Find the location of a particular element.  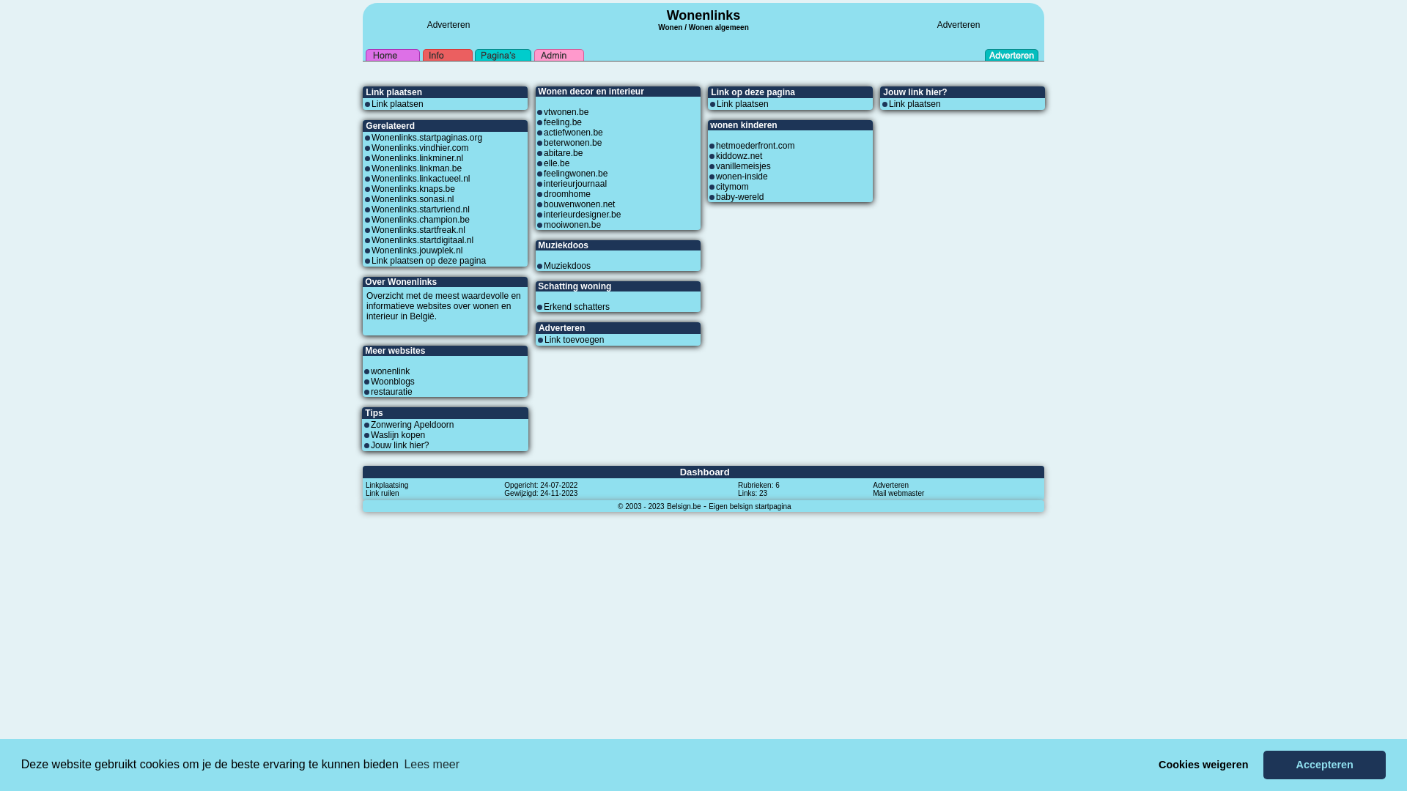

'Eigen belsign startpagina' is located at coordinates (749, 505).